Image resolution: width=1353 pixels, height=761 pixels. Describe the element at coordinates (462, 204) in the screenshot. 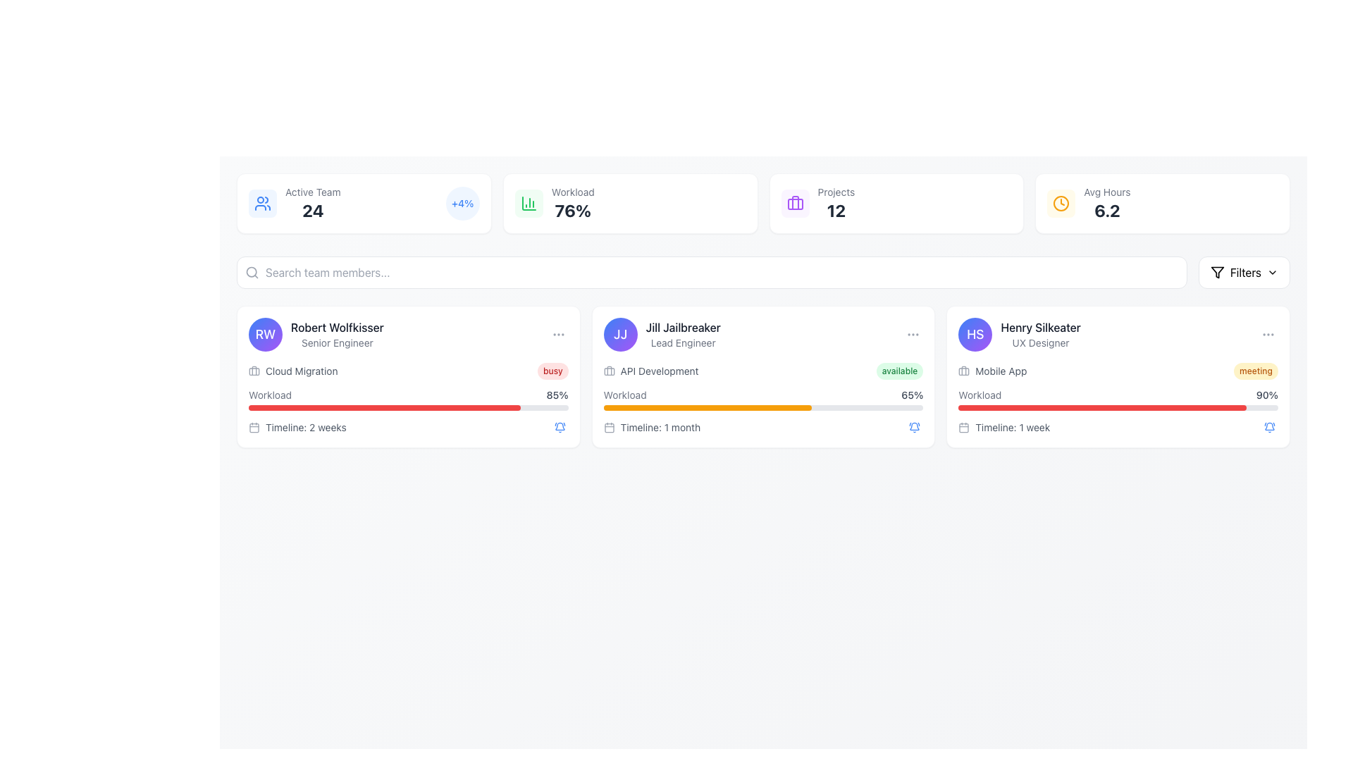

I see `the Statistical Badge displaying the percentage increase metric related to 'Active Team' for understanding growth` at that location.